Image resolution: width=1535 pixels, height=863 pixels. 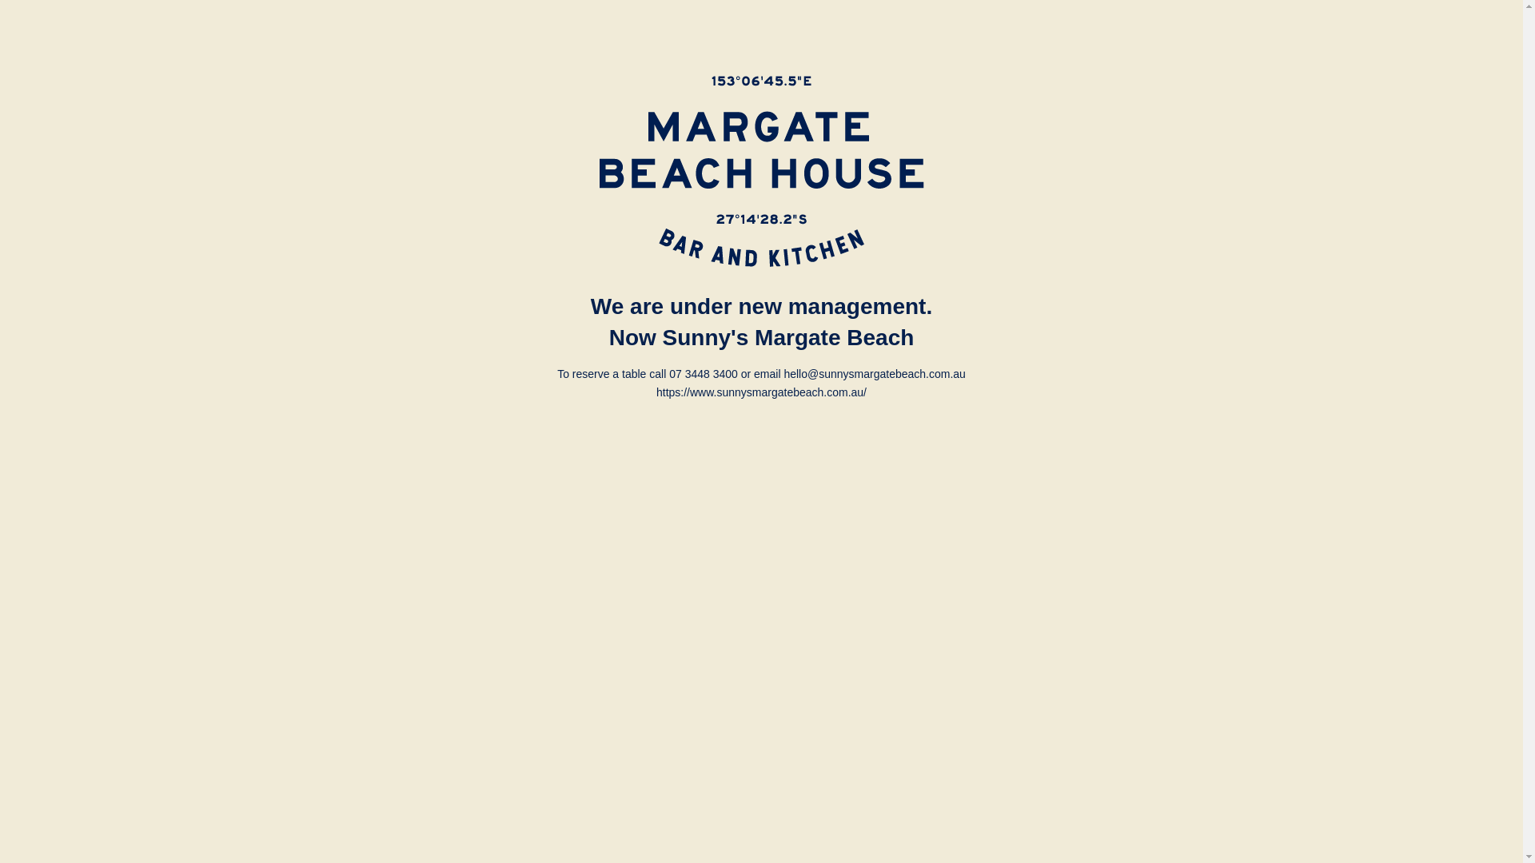 What do you see at coordinates (761, 171) in the screenshot?
I see `'Margate Beach House'` at bounding box center [761, 171].